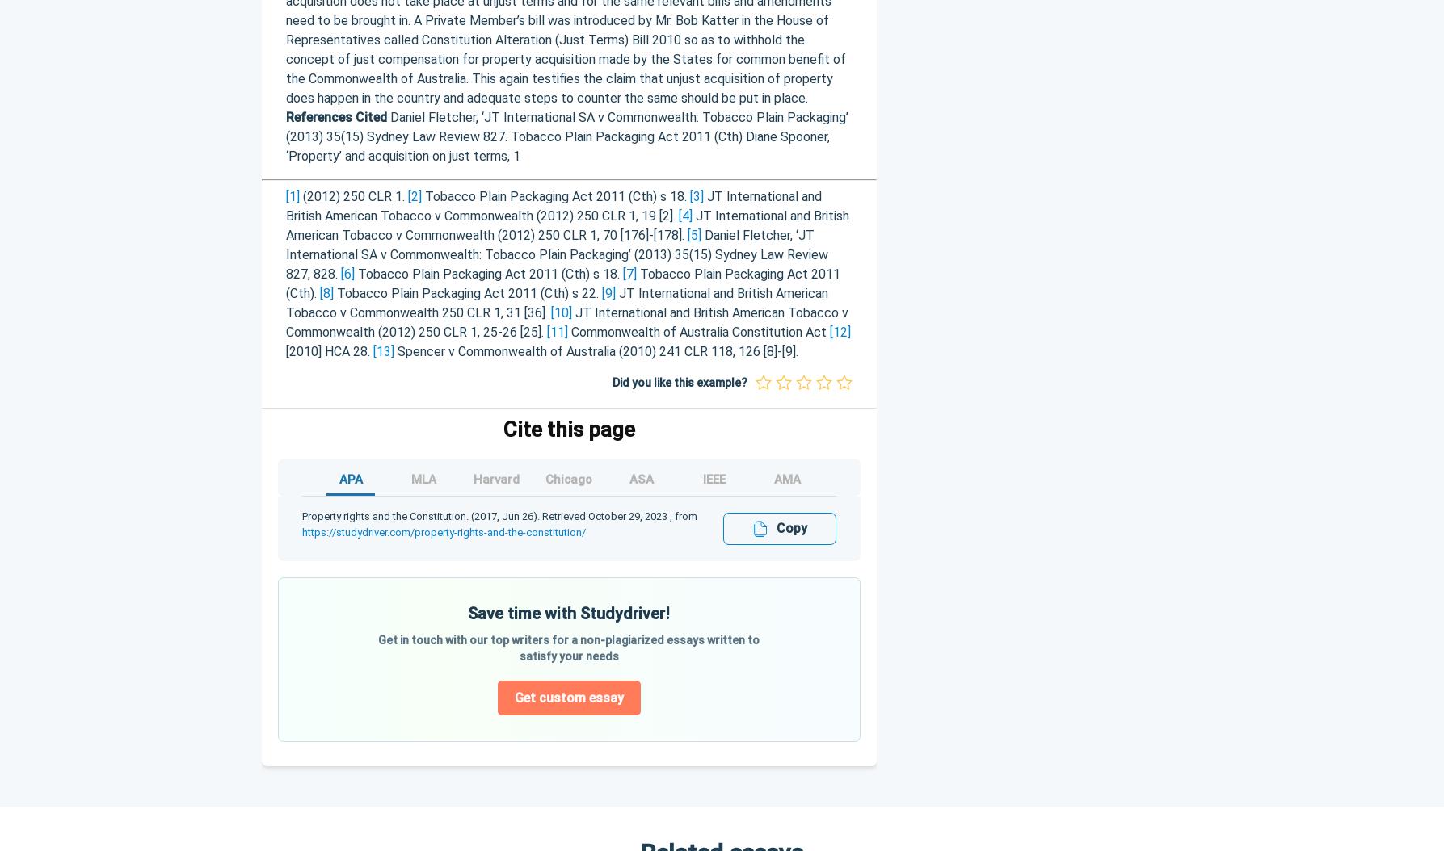 The height and width of the screenshot is (851, 1444). What do you see at coordinates (284, 350) in the screenshot?
I see `'[2010] HCA 28.'` at bounding box center [284, 350].